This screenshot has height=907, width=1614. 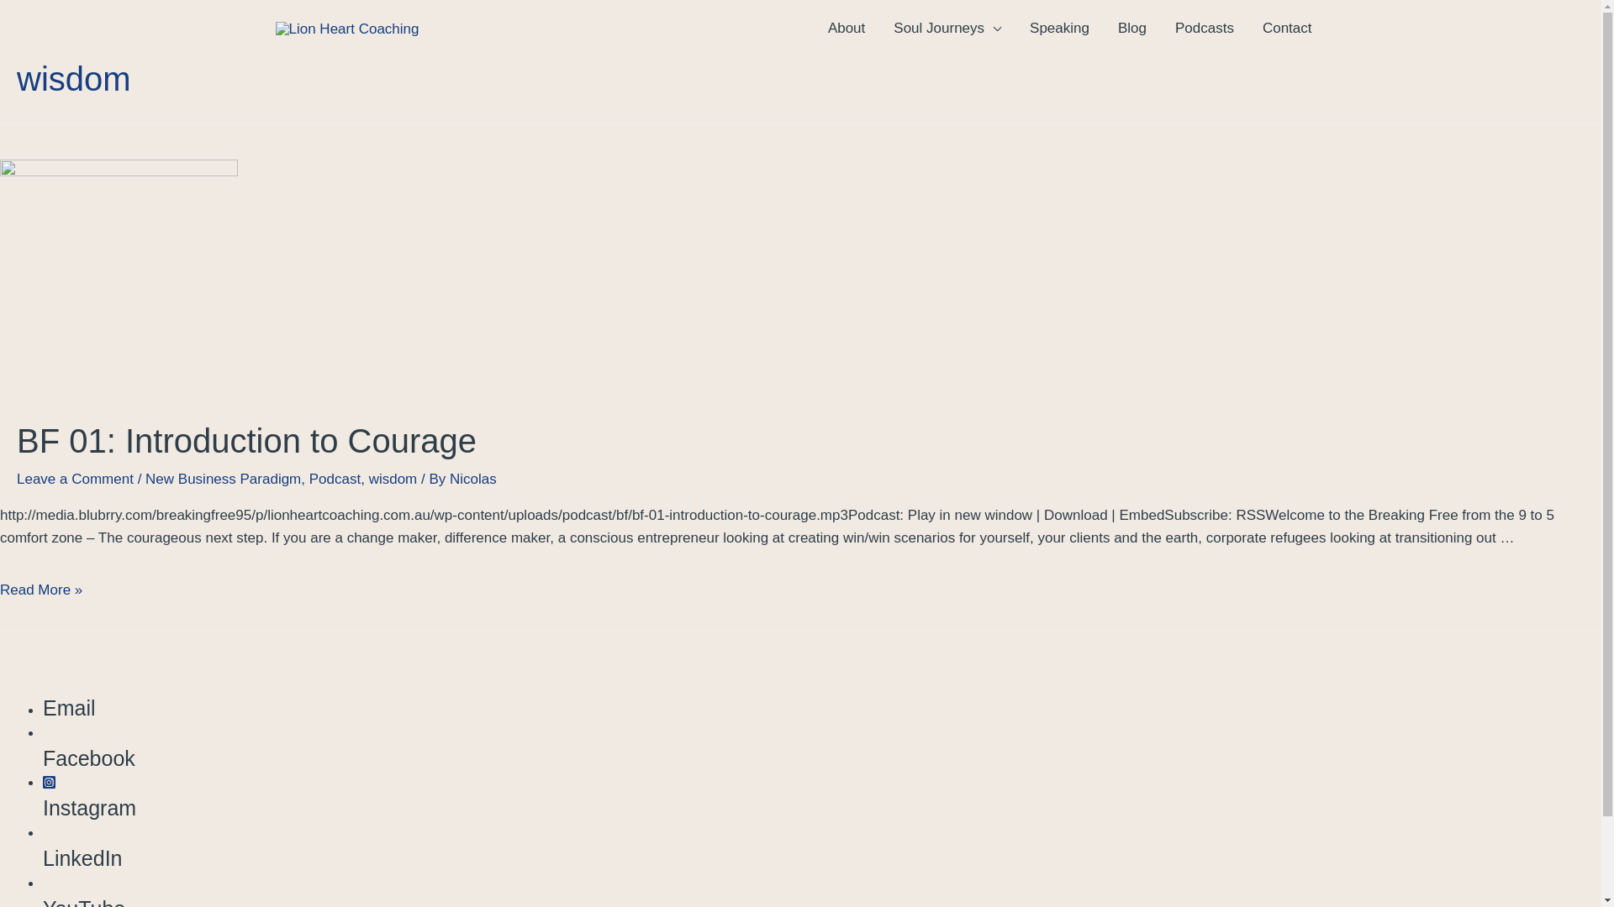 I want to click on 'Contact', so click(x=1286, y=29).